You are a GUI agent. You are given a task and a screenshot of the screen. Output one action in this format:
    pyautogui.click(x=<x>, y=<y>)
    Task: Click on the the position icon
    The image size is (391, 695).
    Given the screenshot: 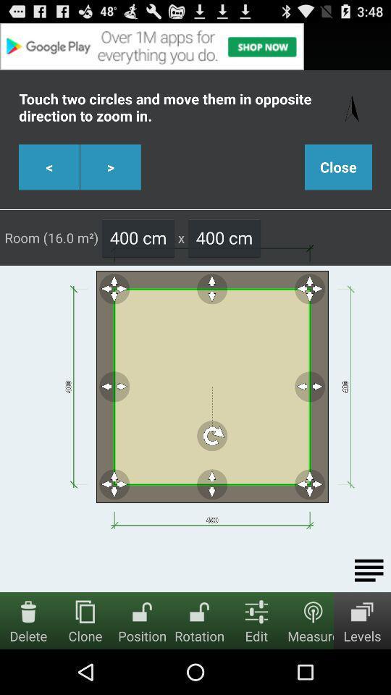 What is the action you would take?
    pyautogui.click(x=142, y=610)
    